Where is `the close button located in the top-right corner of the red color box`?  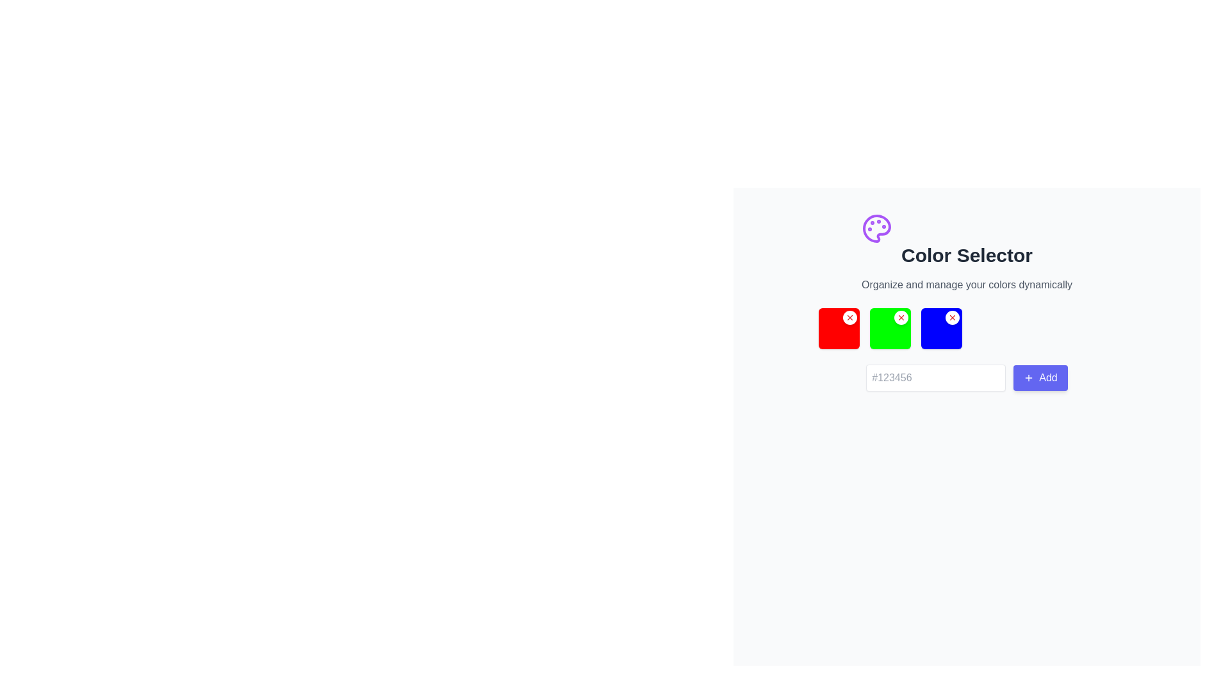 the close button located in the top-right corner of the red color box is located at coordinates (849, 317).